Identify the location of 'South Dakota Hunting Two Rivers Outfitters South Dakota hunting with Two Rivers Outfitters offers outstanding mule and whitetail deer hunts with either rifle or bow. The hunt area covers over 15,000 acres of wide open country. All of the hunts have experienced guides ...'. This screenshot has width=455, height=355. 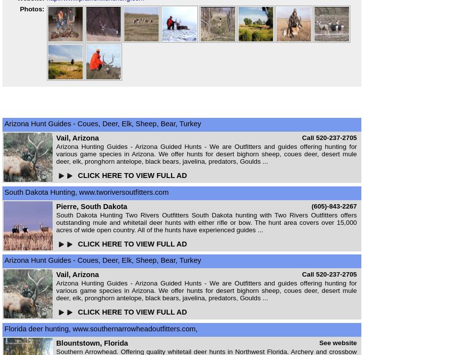
(207, 222).